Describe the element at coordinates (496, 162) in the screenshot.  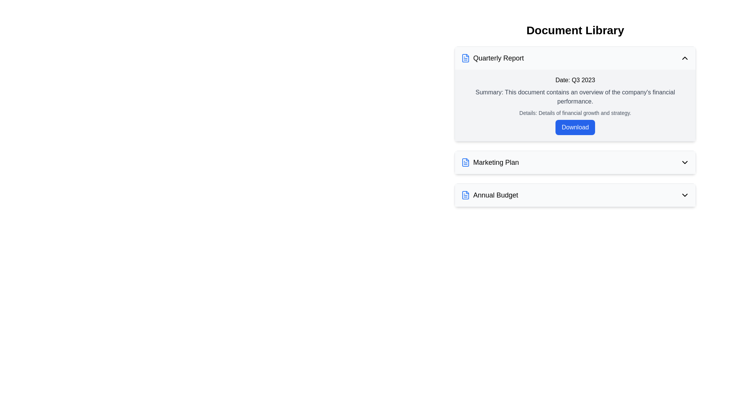
I see `the text label displaying 'Marketing Plan' that is styled in medium bold font and positioned next to a file icon` at that location.